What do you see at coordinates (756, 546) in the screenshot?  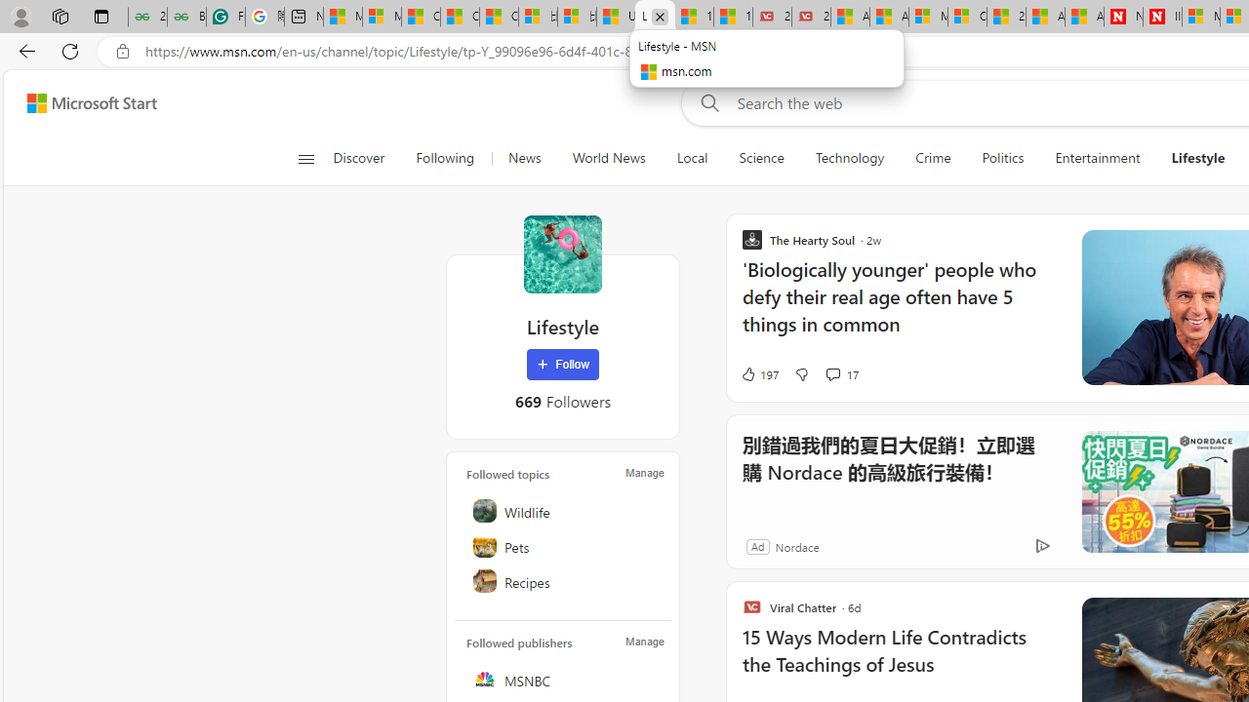 I see `'Ad'` at bounding box center [756, 546].